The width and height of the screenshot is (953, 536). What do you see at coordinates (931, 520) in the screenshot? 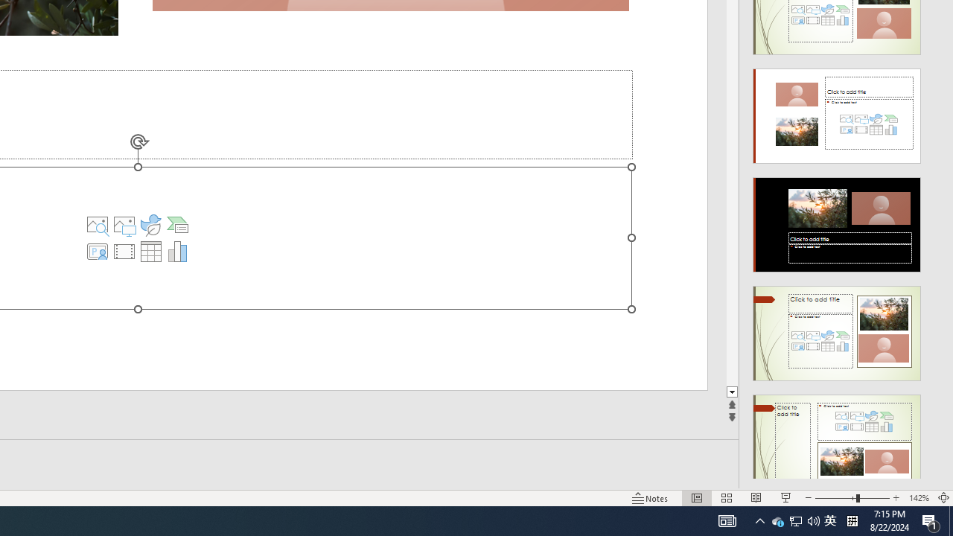
I see `'Action Center, 1 new notification'` at bounding box center [931, 520].